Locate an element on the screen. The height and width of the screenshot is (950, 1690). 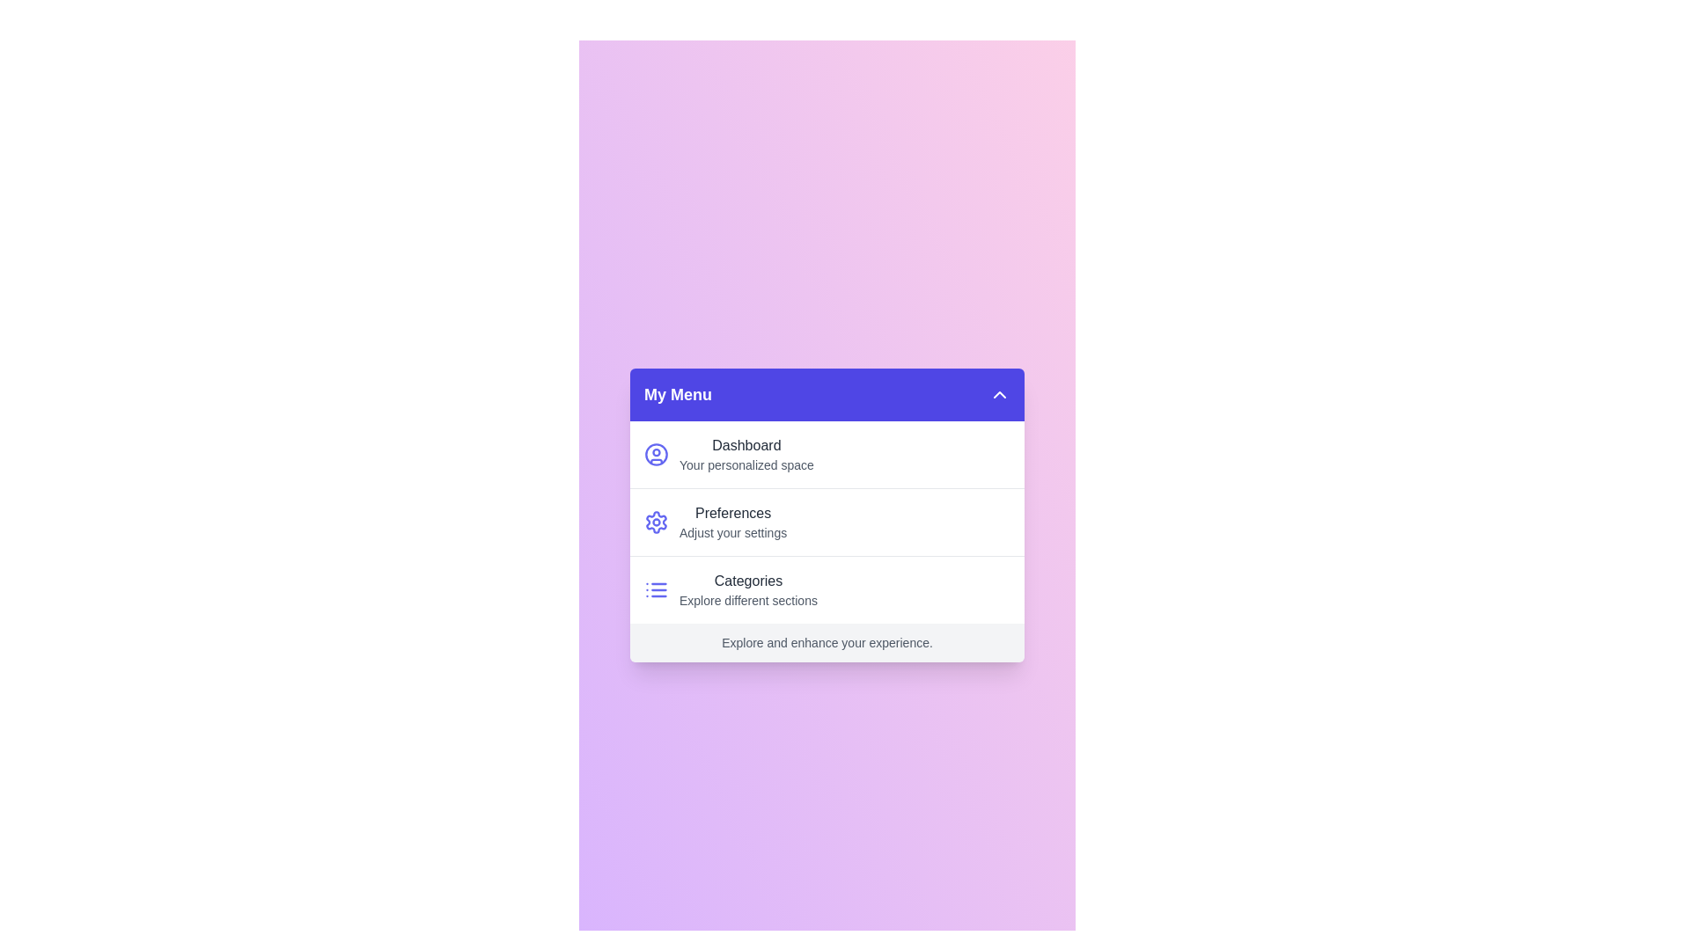
the toggle button in the header to toggle the menu open or closed is located at coordinates (1000, 393).